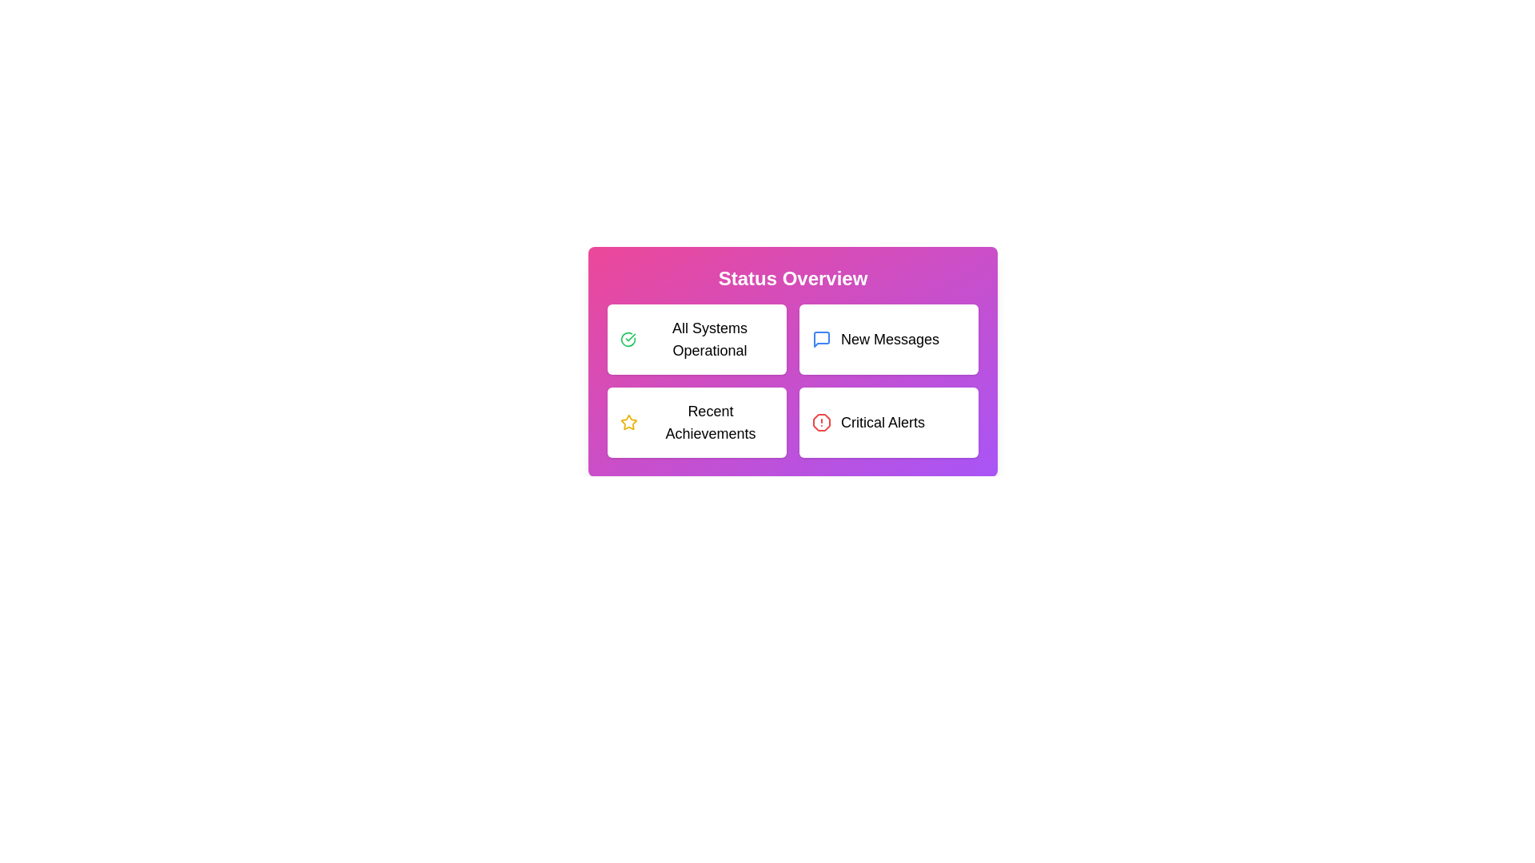 This screenshot has width=1535, height=863. What do you see at coordinates (697, 338) in the screenshot?
I see `the Status card located in the top-left corner of the grid structure, indicating that all systems are operational` at bounding box center [697, 338].